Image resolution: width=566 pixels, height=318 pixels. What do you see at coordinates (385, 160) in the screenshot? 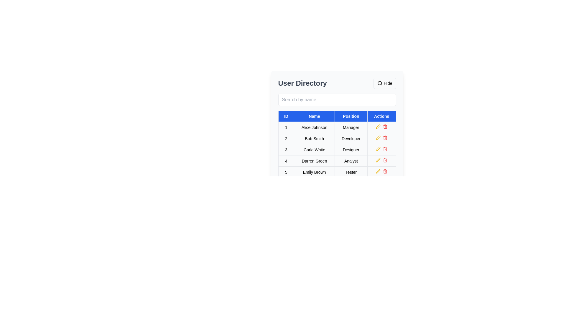
I see `the trash can icon` at bounding box center [385, 160].